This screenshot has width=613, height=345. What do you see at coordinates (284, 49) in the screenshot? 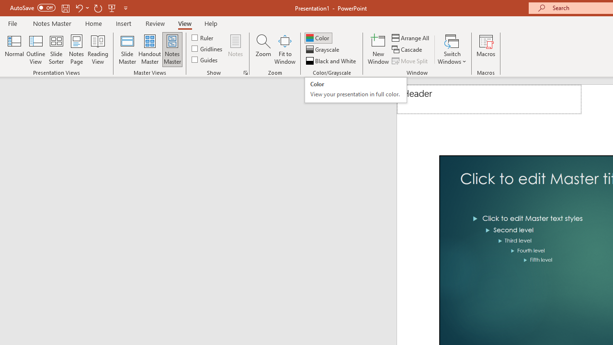
I see `'Fit to Window'` at bounding box center [284, 49].